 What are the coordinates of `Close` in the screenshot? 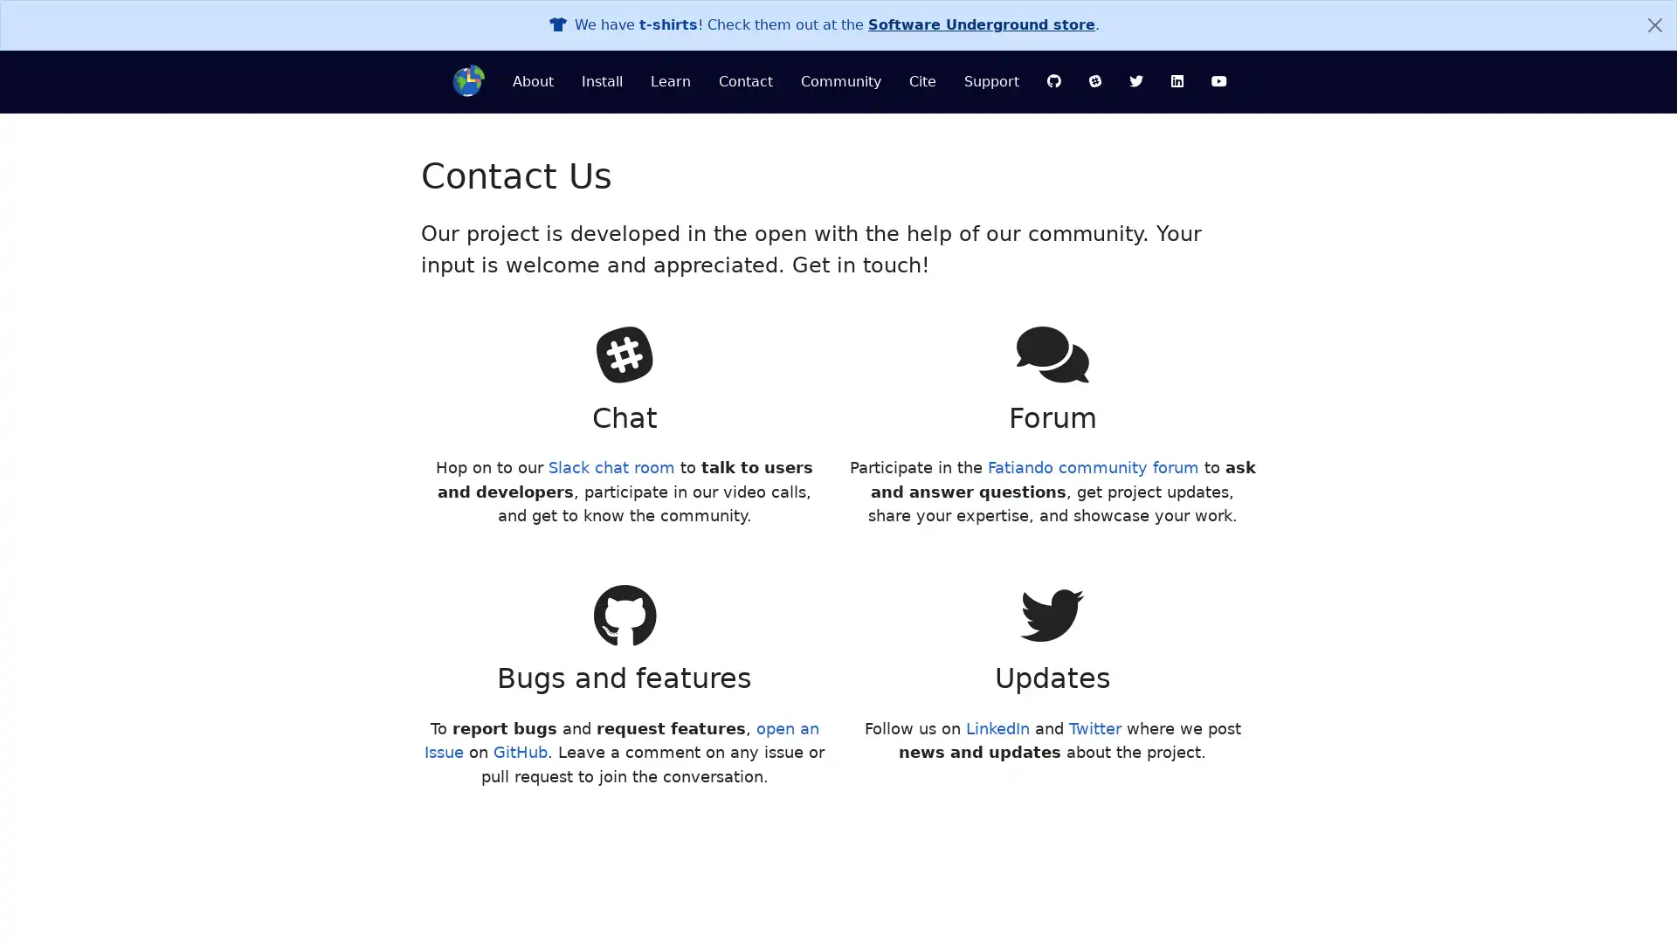 It's located at (1654, 25).